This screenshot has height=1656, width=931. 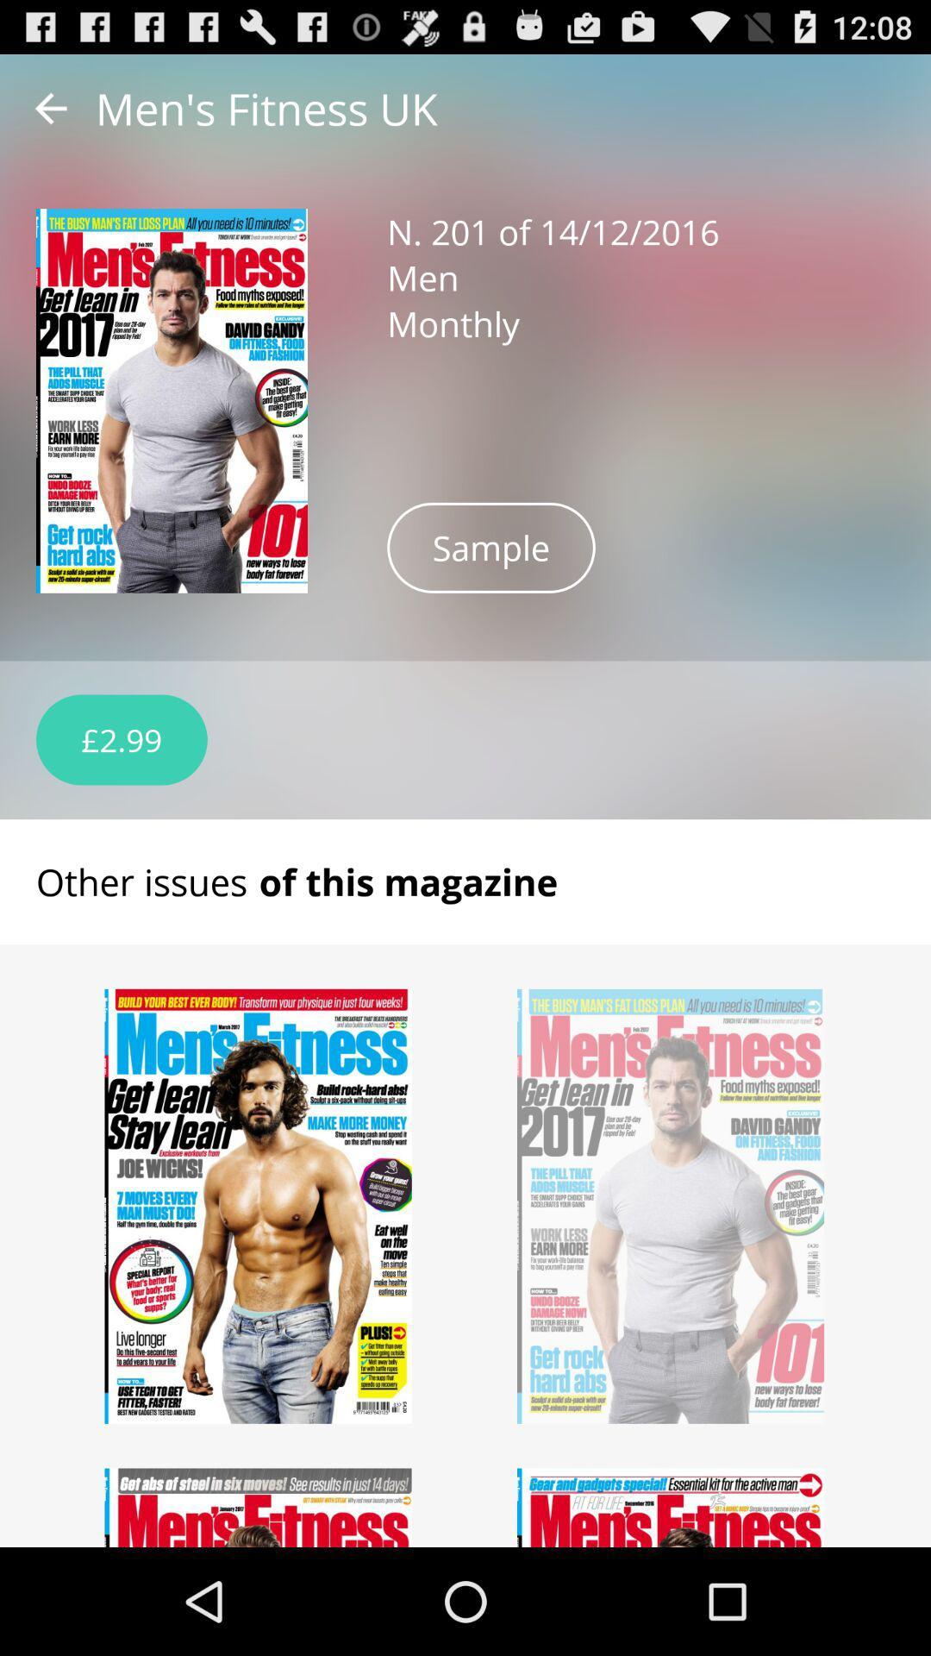 What do you see at coordinates (670, 1507) in the screenshot?
I see `magazine` at bounding box center [670, 1507].